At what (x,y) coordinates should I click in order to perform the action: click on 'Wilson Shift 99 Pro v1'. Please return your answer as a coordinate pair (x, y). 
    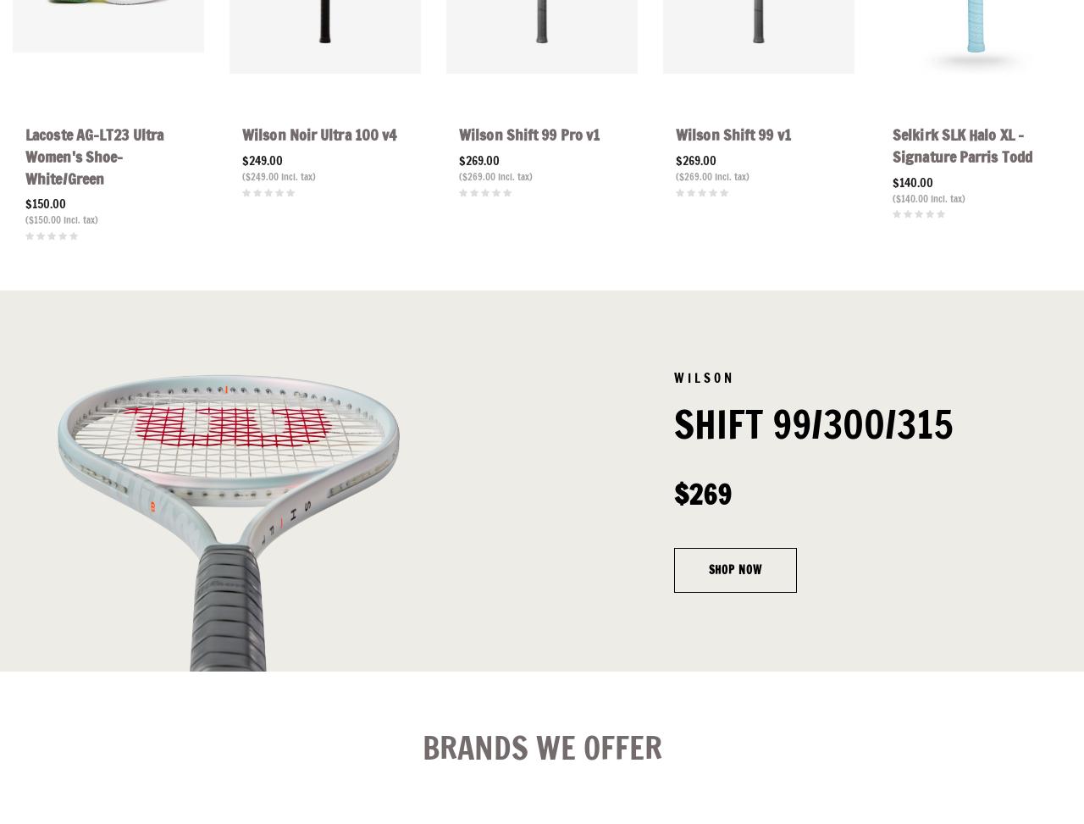
    Looking at the image, I should click on (528, 134).